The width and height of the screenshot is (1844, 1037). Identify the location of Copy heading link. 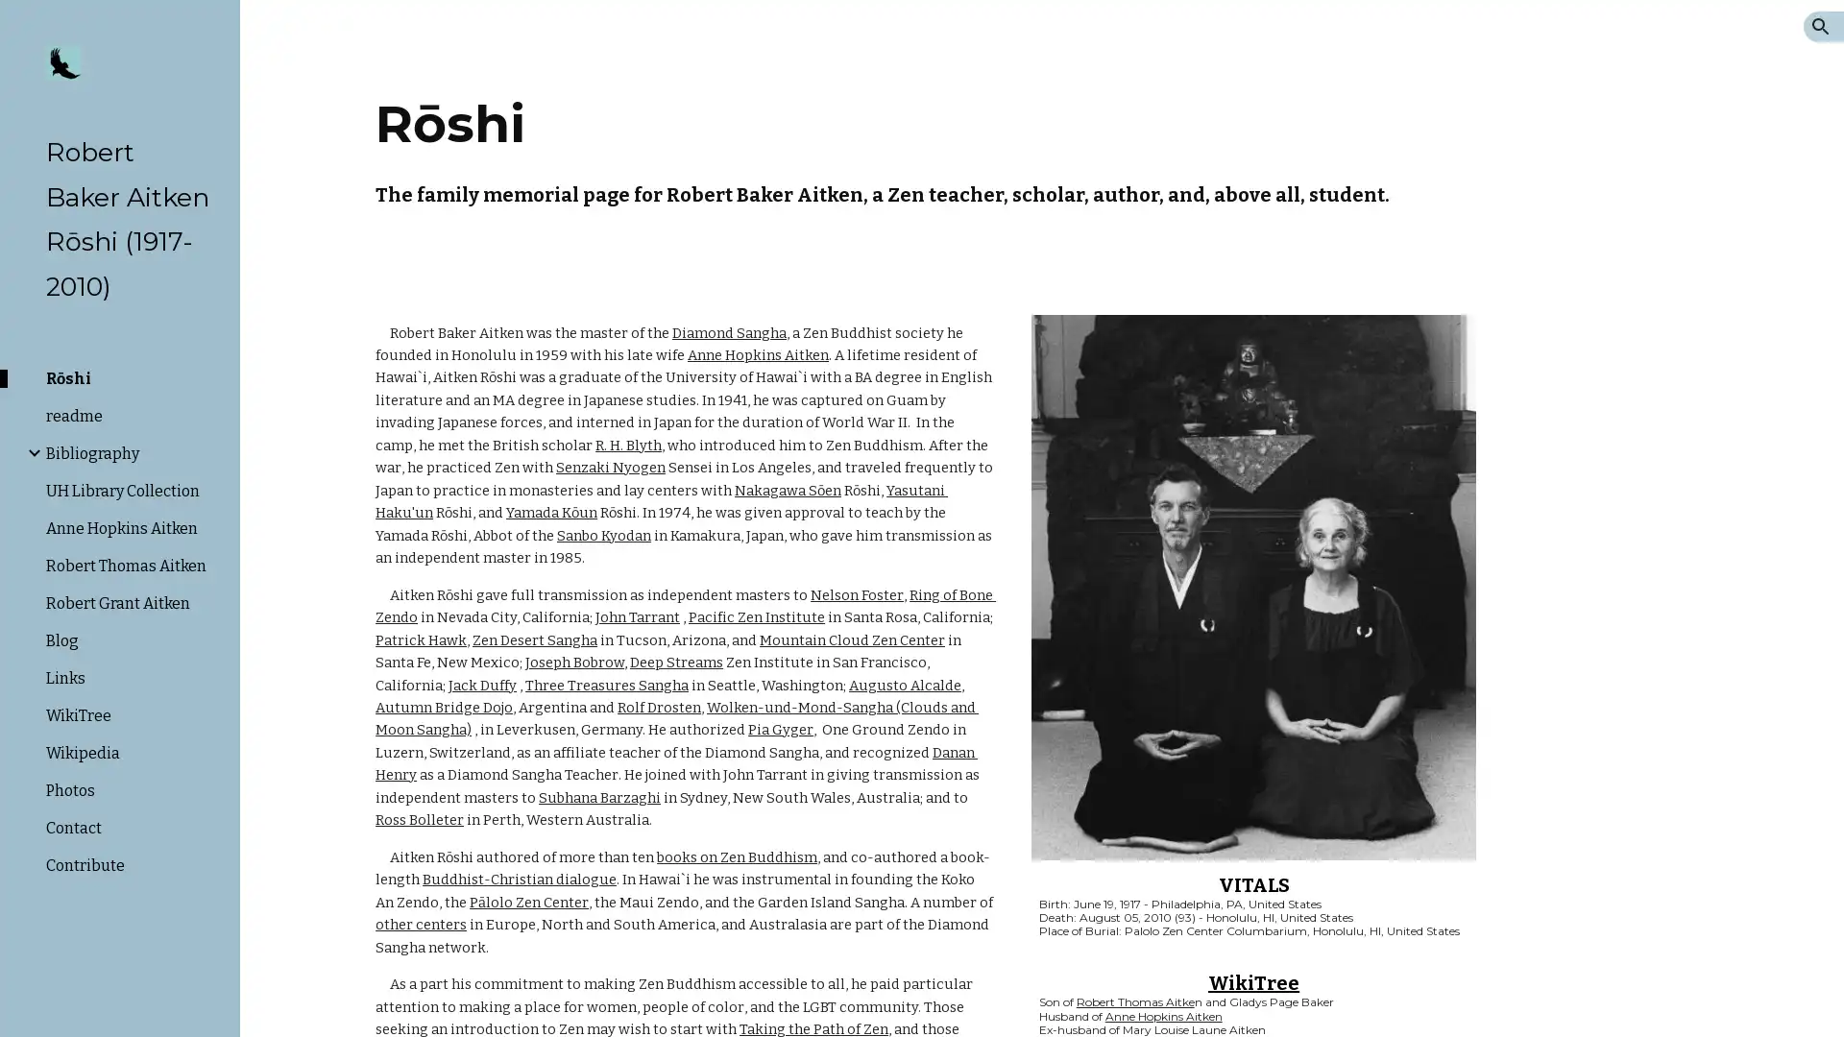
(1440, 982).